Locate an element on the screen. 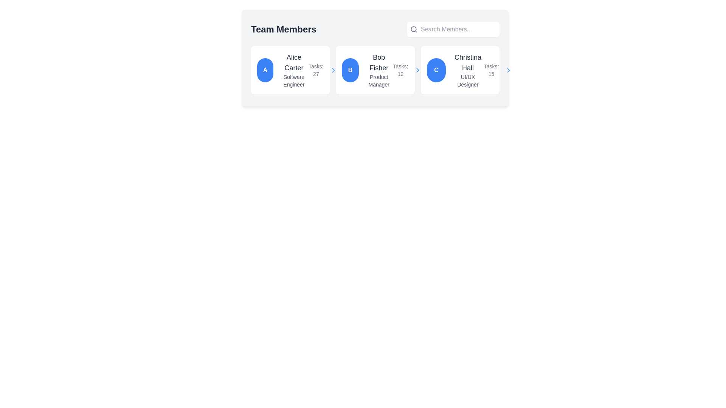 Image resolution: width=726 pixels, height=408 pixels. text content displayed in the profile card of team member 'Christina Hall', located in the center-right of the interface, specifically in the third profile card from the left is located at coordinates (467, 70).